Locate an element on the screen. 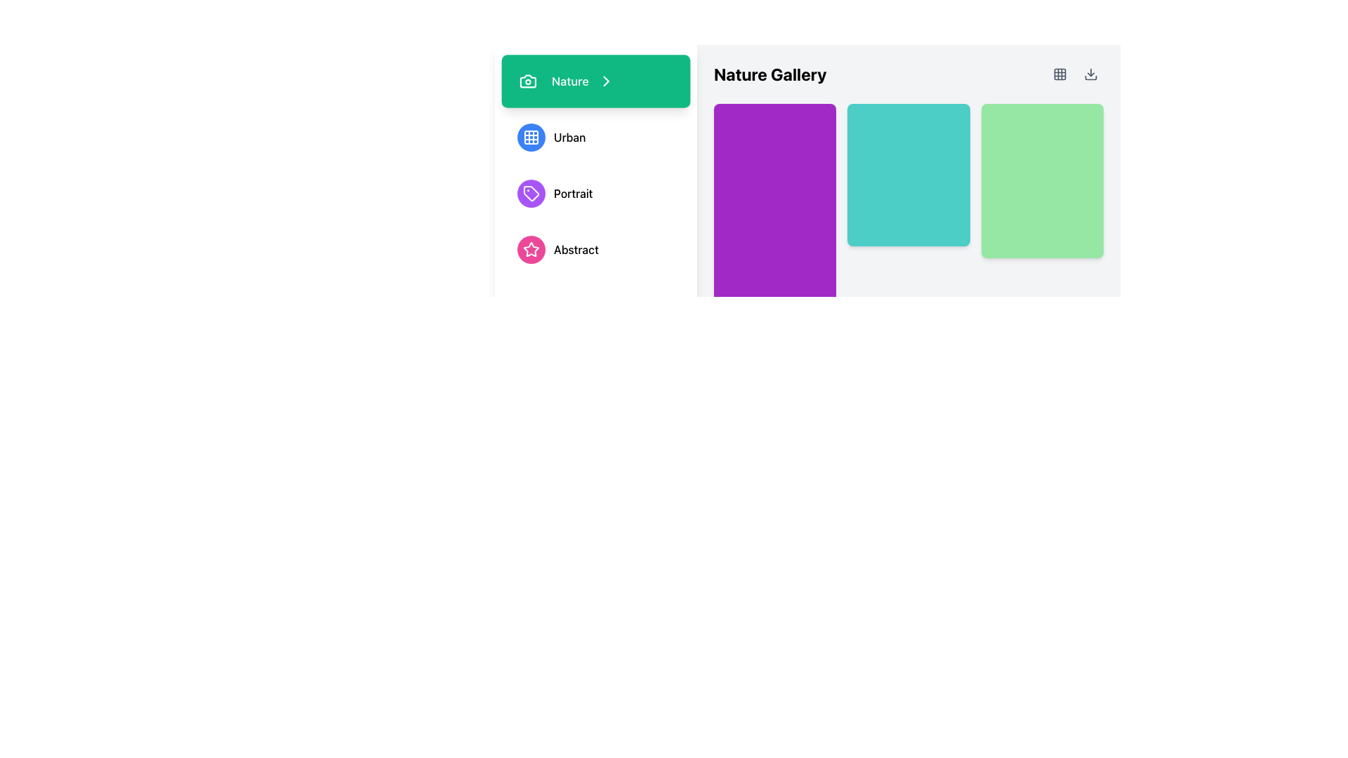 The width and height of the screenshot is (1348, 758). the fourth item in the vertical sidebar navigation menu, located below 'Portrait' and above 'Statistics' is located at coordinates (596, 248).